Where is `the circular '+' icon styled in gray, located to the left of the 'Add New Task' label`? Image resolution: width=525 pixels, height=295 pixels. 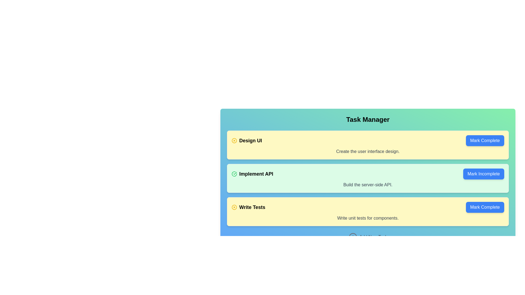 the circular '+' icon styled in gray, located to the left of the 'Add New Task' label is located at coordinates (353, 237).